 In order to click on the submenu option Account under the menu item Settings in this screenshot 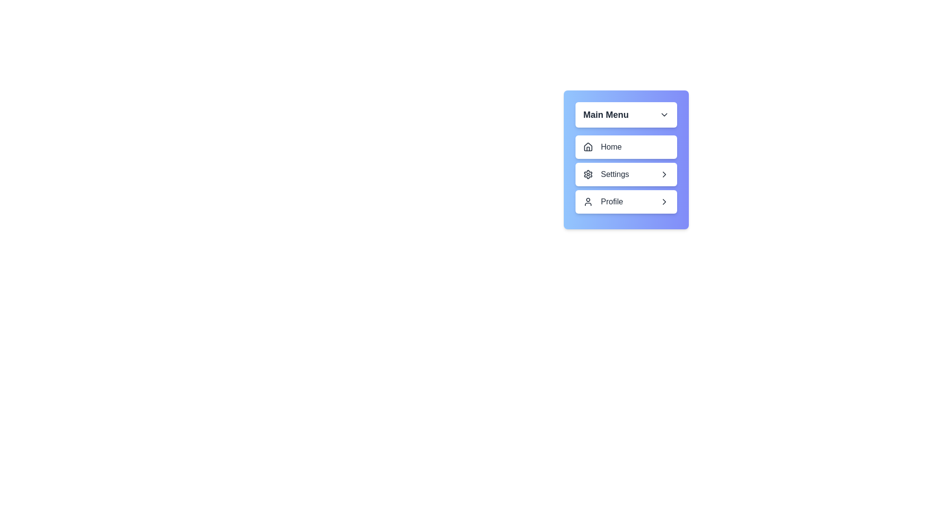, I will do `click(626, 174)`.